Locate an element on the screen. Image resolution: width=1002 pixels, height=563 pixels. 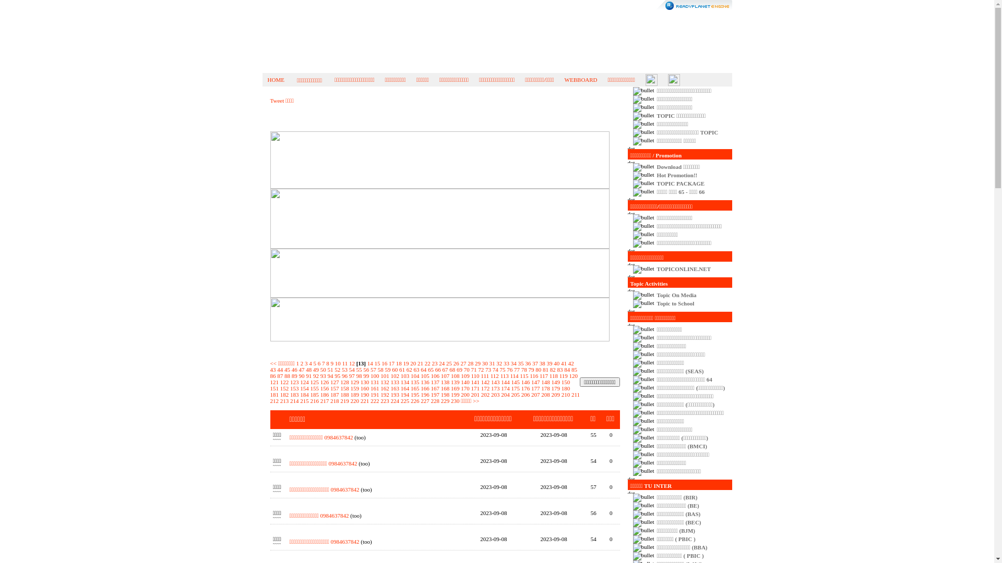
'193' is located at coordinates (390, 394).